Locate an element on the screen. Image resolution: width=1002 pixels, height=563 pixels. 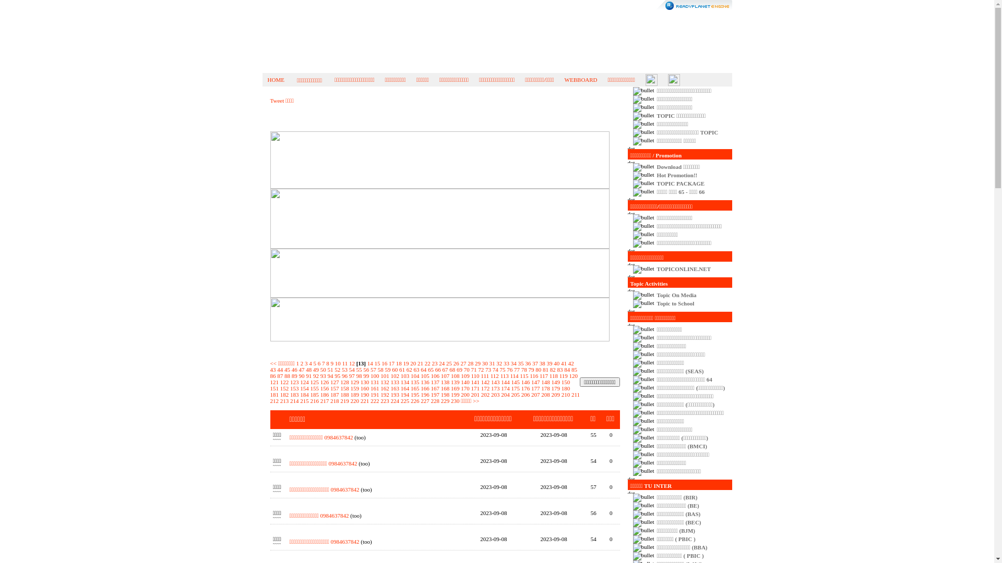
'193' is located at coordinates (390, 394).